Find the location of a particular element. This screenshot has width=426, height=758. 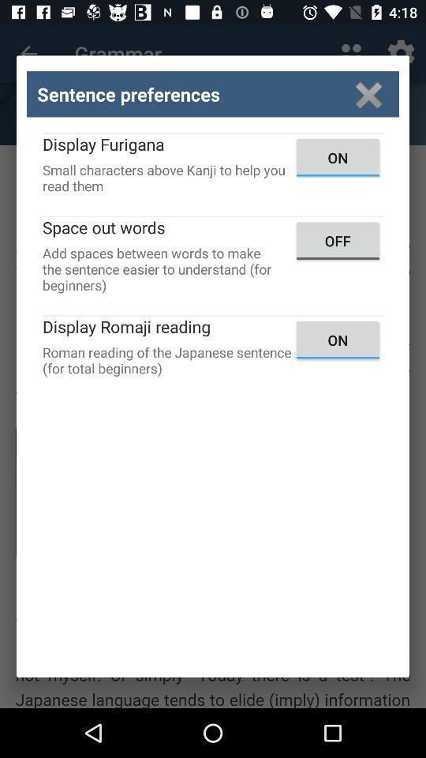

item to the right of space out words is located at coordinates (337, 241).